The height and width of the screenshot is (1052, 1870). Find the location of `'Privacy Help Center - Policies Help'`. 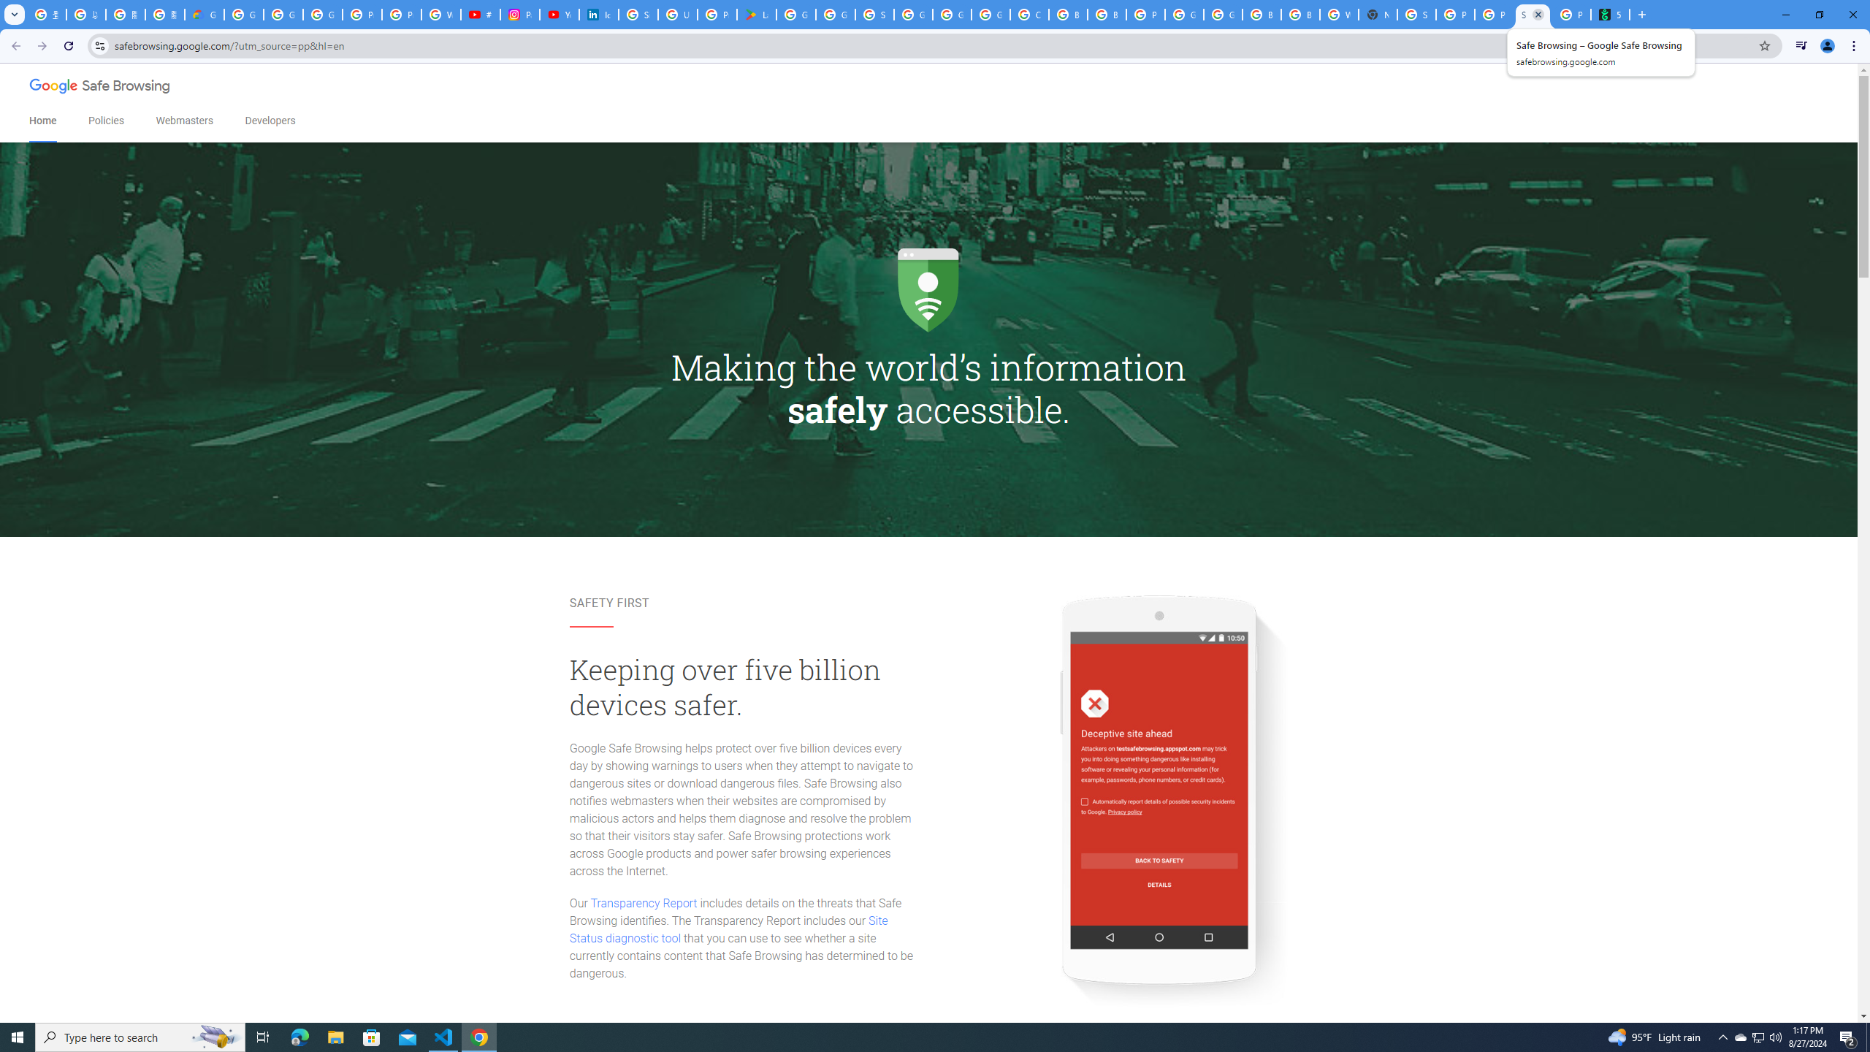

'Privacy Help Center - Policies Help' is located at coordinates (402, 14).